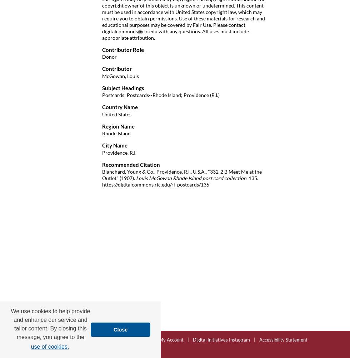 The height and width of the screenshot is (358, 350). I want to click on 'use of cookies.', so click(50, 346).